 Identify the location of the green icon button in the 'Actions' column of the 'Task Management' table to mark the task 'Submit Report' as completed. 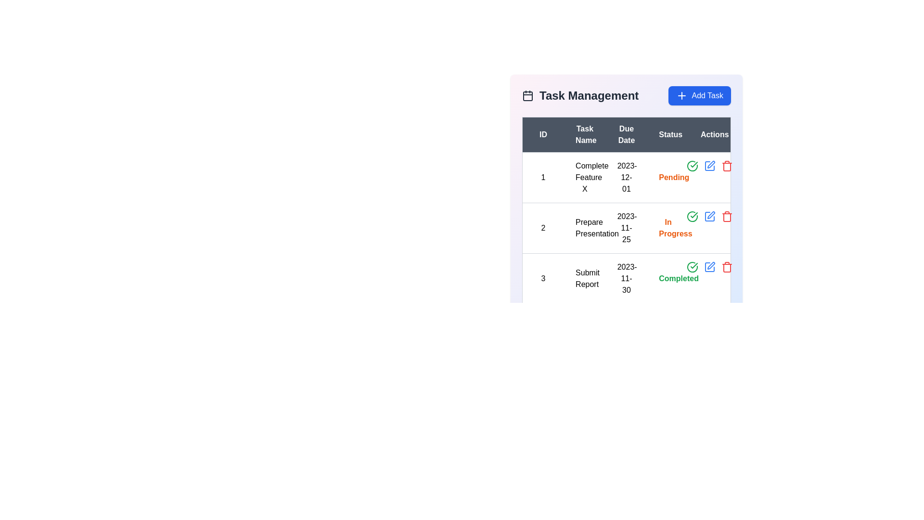
(692, 267).